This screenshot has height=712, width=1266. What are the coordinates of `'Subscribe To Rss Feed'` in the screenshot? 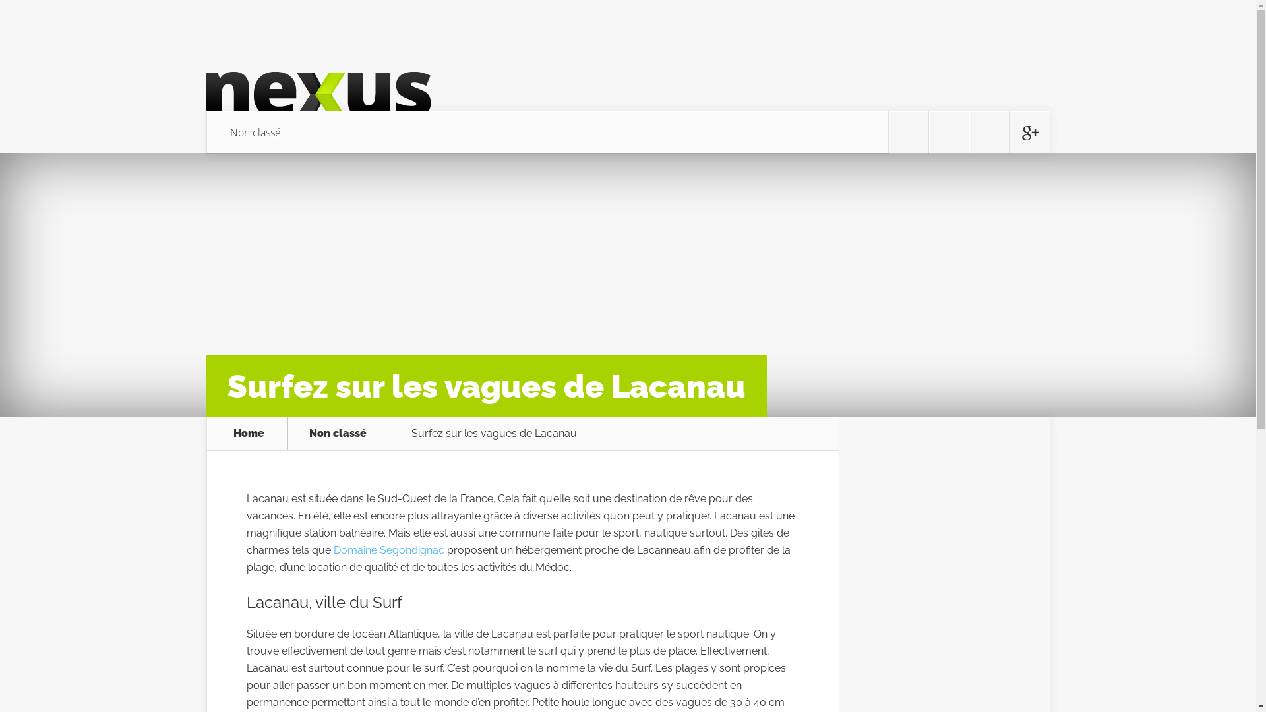 It's located at (988, 132).